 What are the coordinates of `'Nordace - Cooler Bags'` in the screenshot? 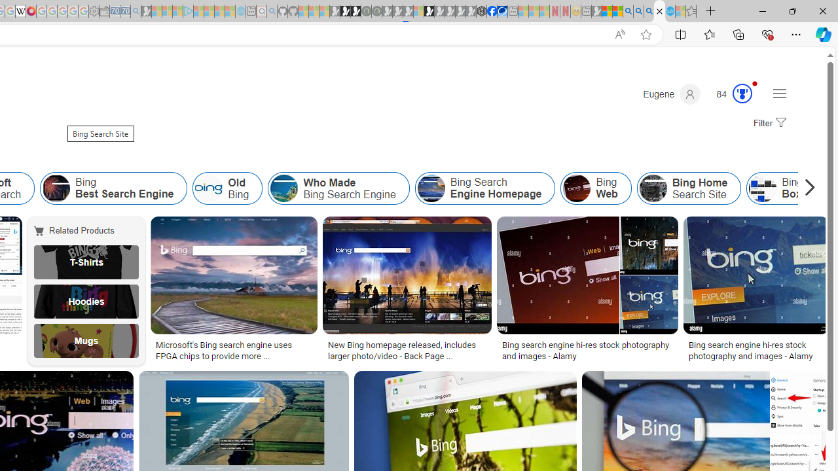 It's located at (481, 11).